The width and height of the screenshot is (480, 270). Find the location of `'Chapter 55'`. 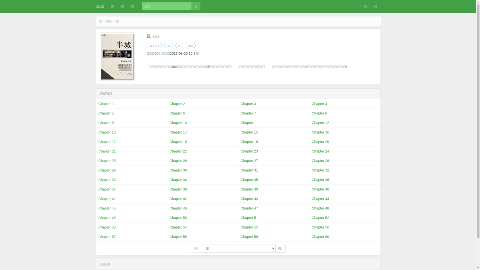

'Chapter 55' is located at coordinates (273, 227).